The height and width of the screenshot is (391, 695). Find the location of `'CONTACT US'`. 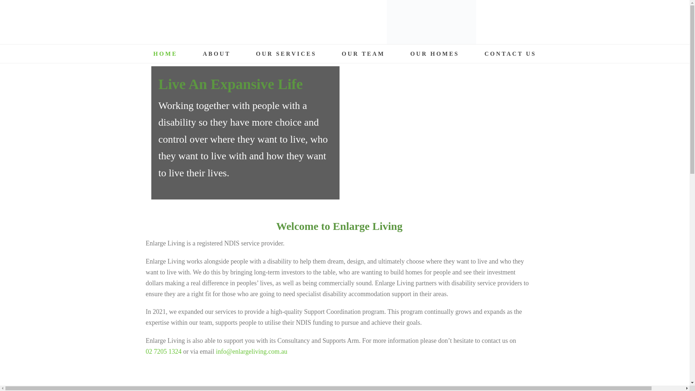

'CONTACT US' is located at coordinates (510, 53).